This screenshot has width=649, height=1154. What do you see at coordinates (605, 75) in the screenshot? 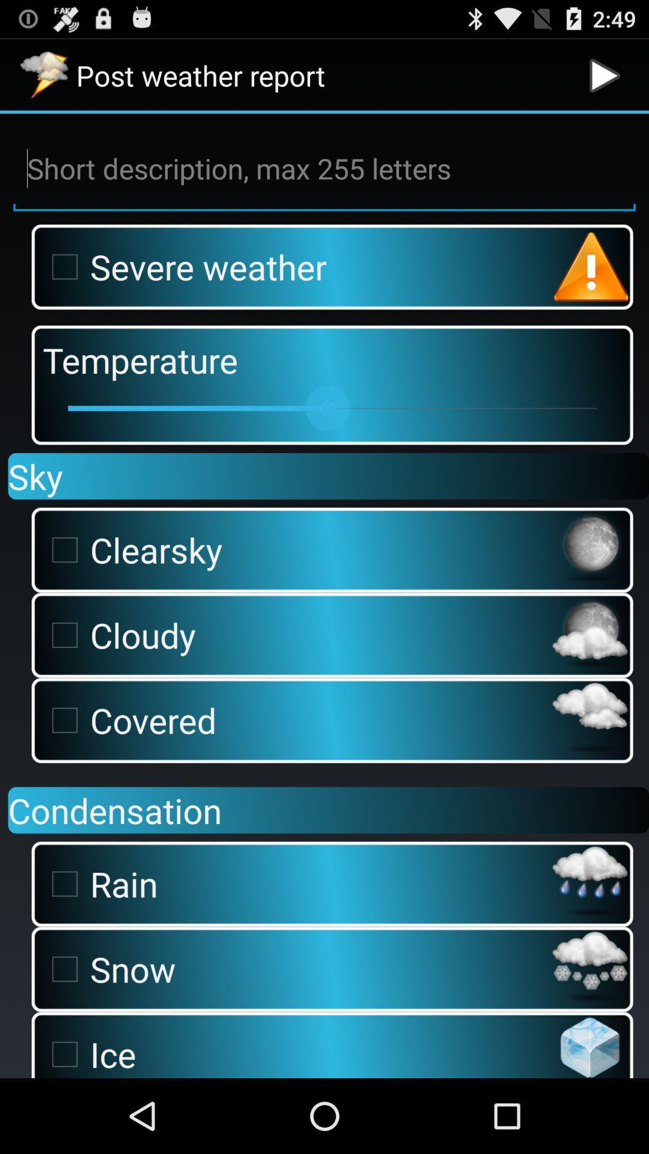
I see `go forward` at bounding box center [605, 75].